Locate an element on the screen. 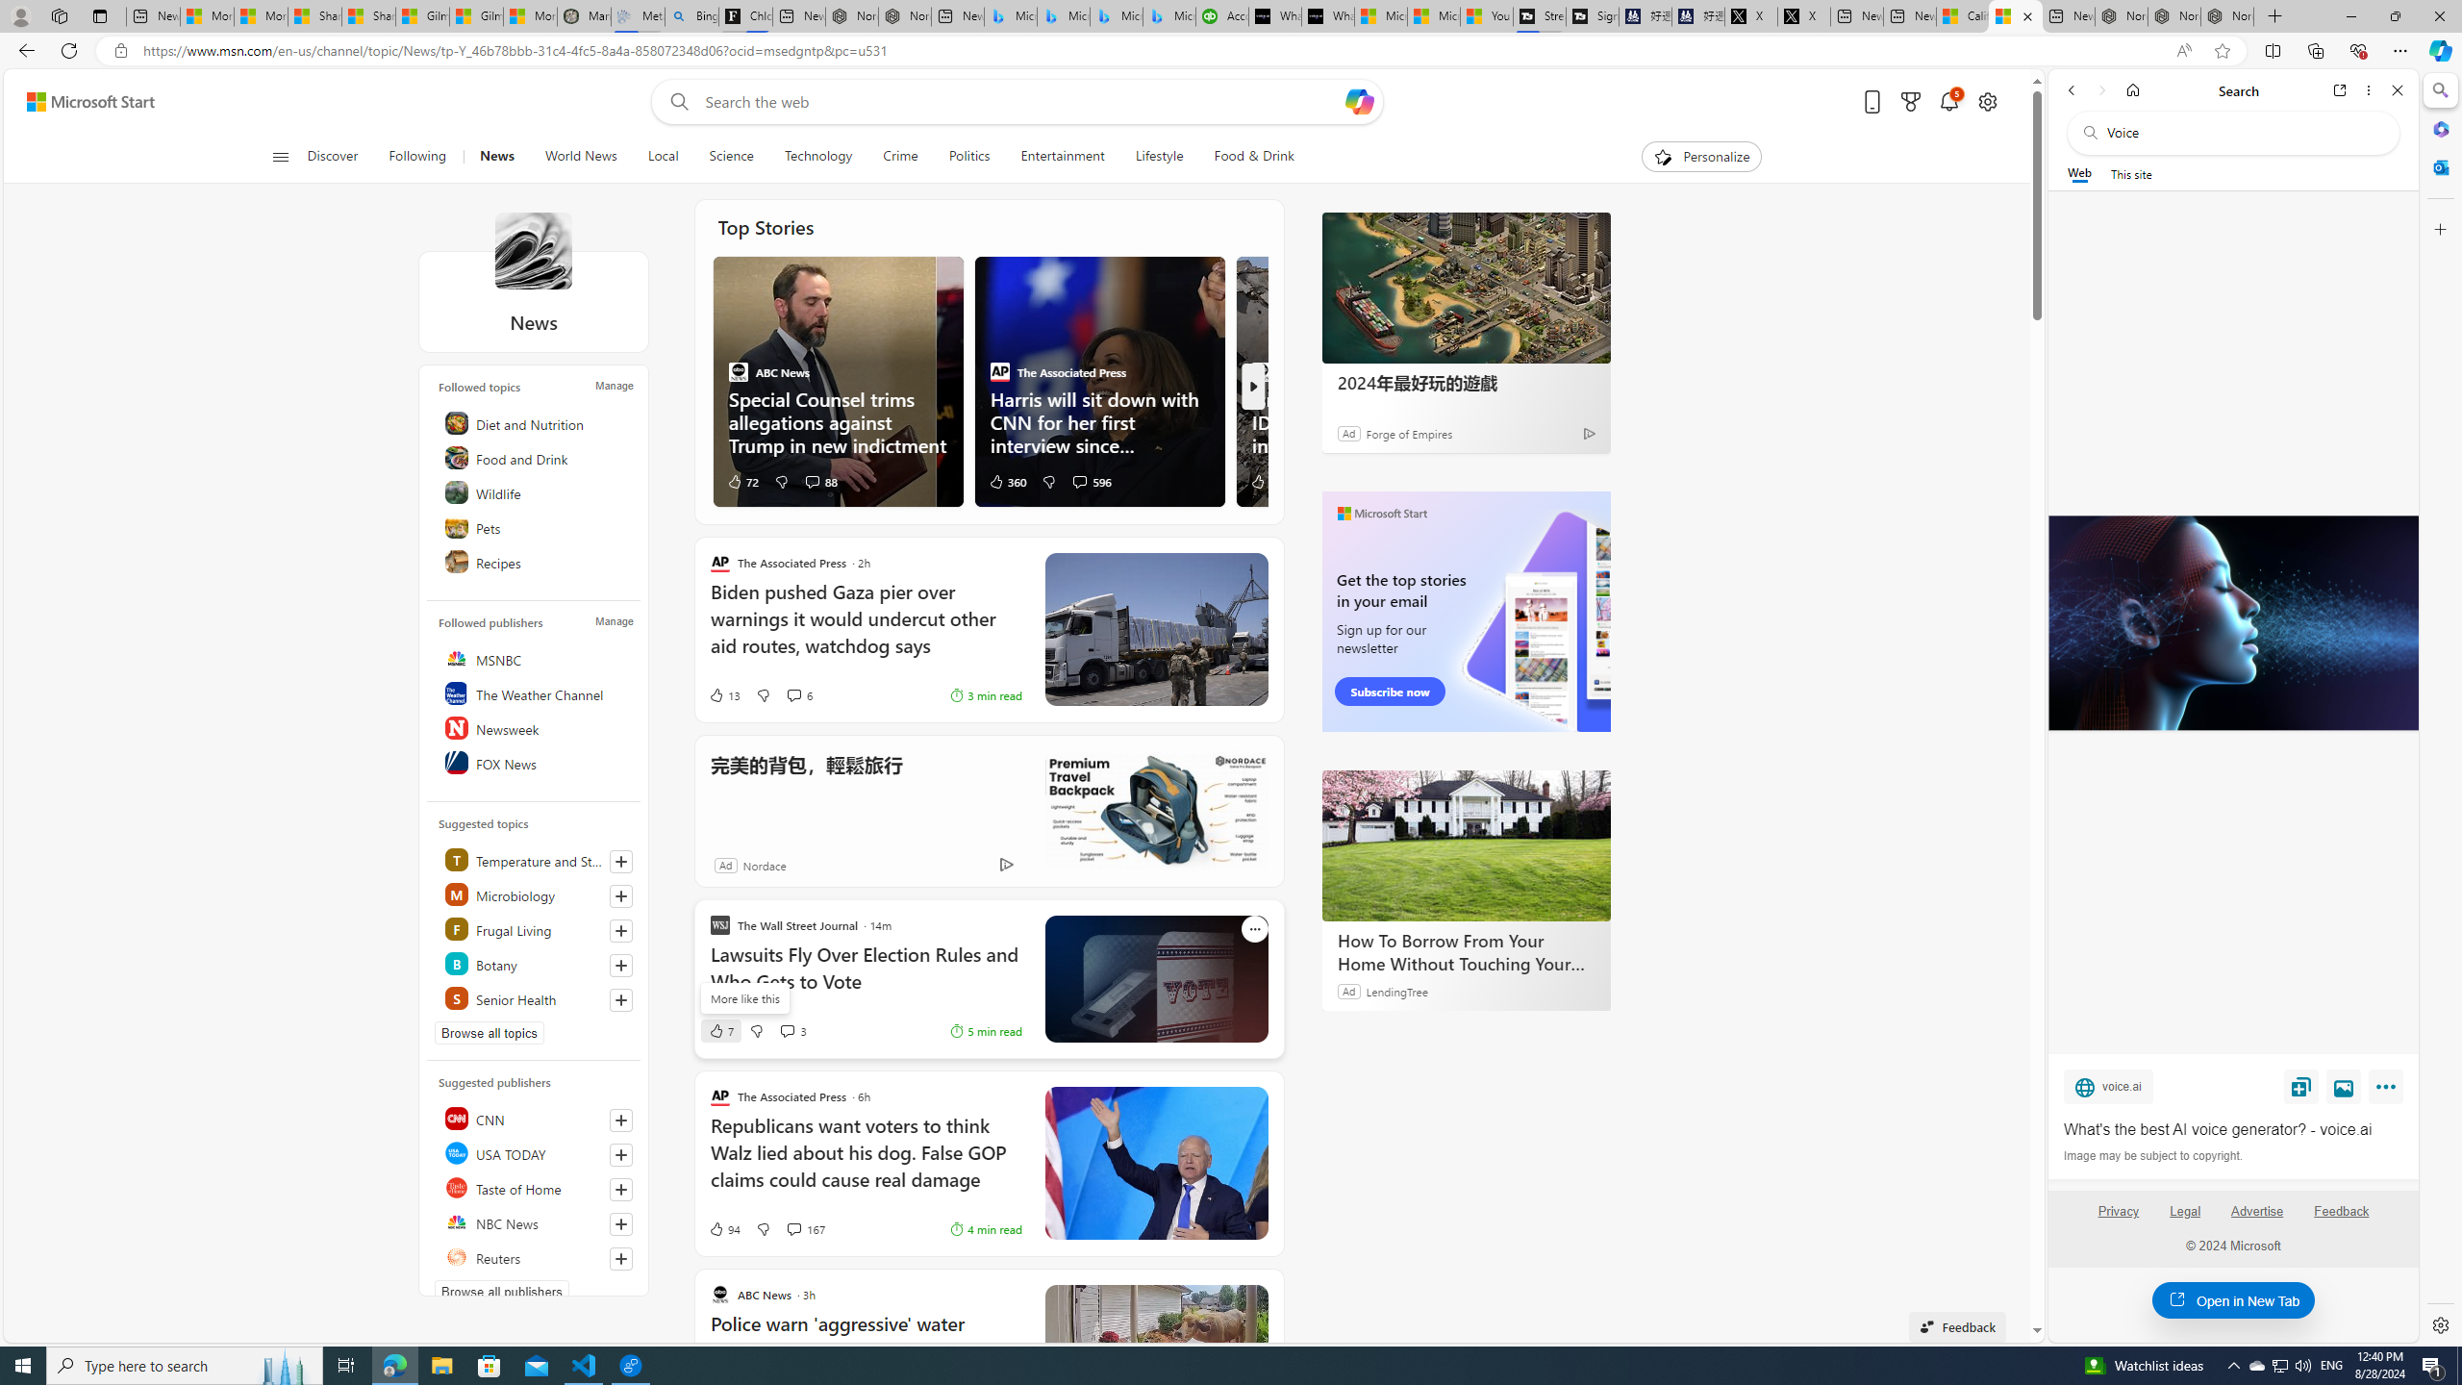 The width and height of the screenshot is (2462, 1385). 'Science' is located at coordinates (730, 156).